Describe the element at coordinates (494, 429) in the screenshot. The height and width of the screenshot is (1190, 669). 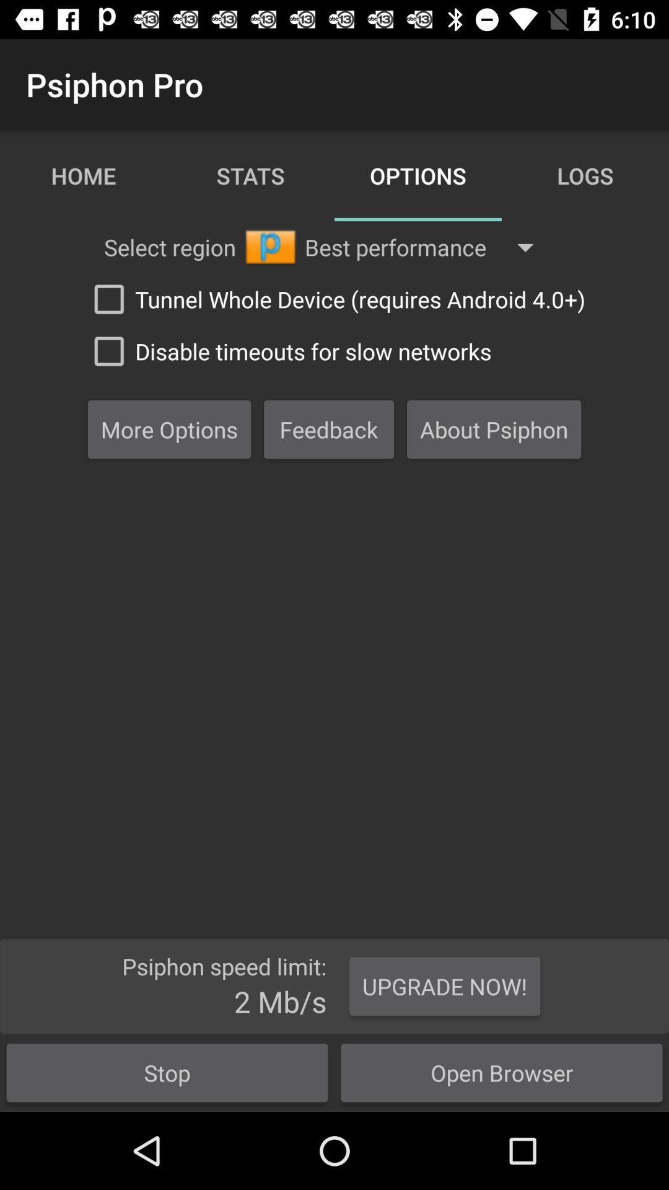
I see `about psiphon` at that location.